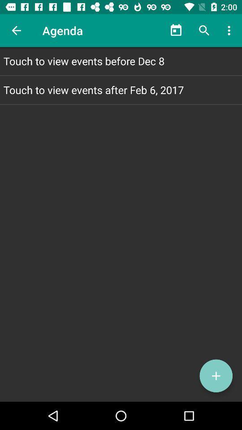  What do you see at coordinates (216, 376) in the screenshot?
I see `item at the bottom right corner` at bounding box center [216, 376].